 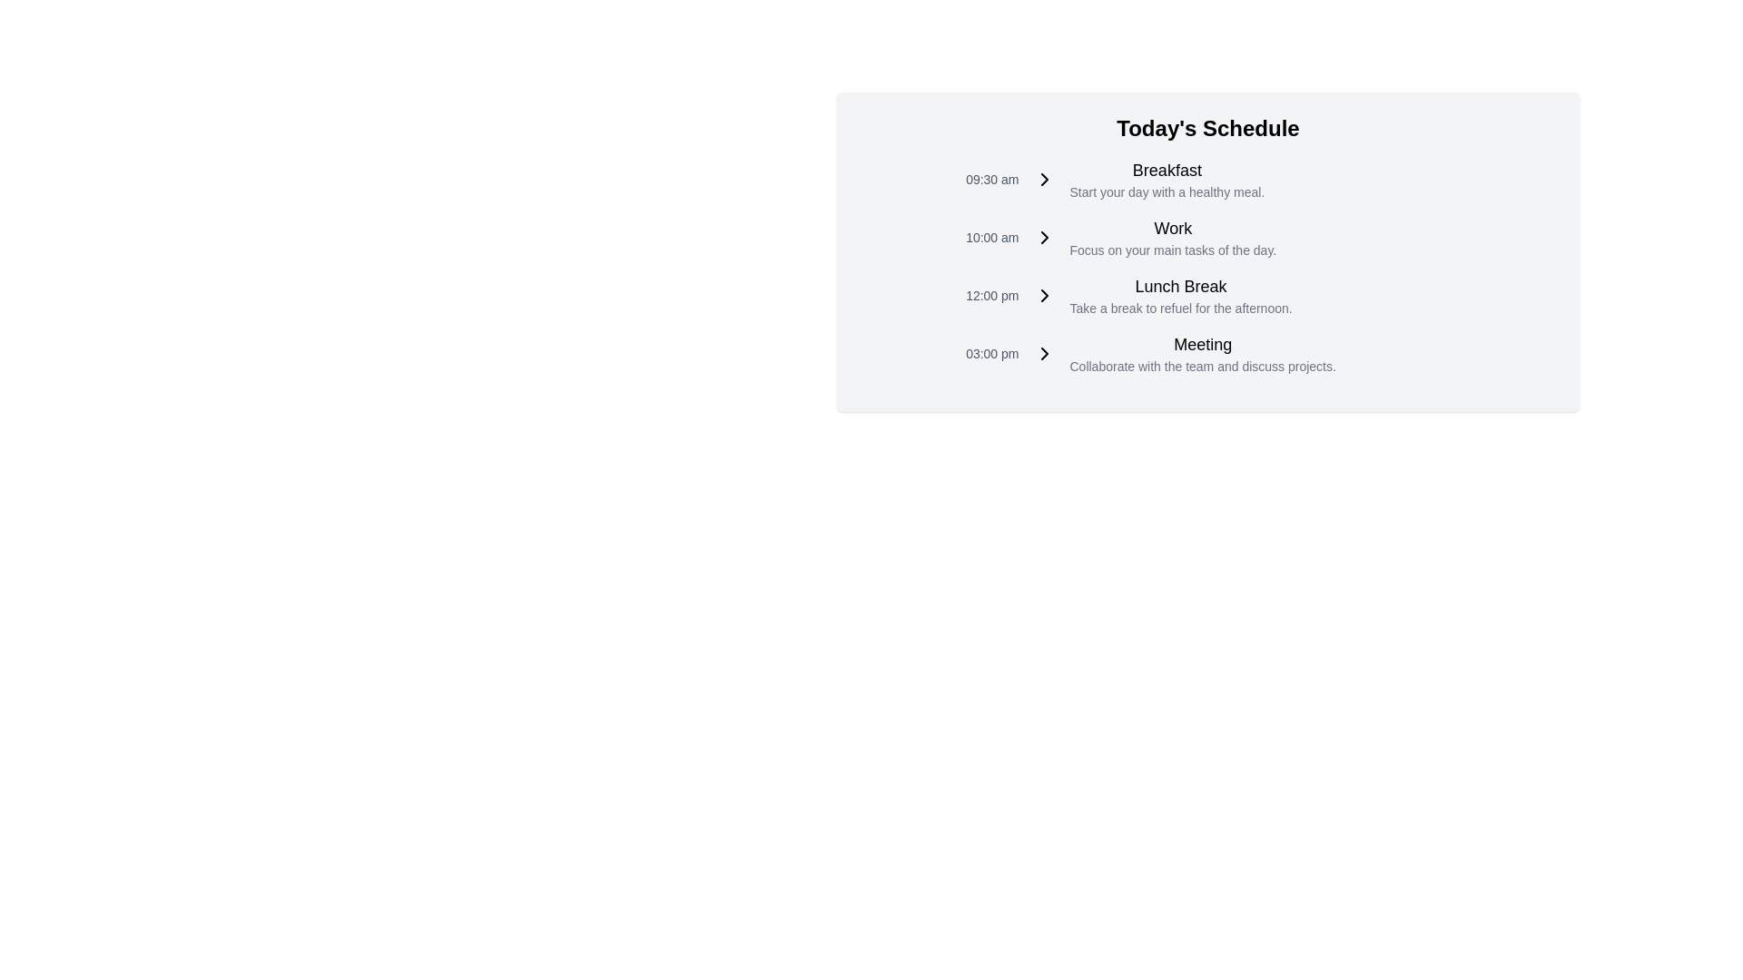 What do you see at coordinates (1167, 192) in the screenshot?
I see `the text element that provides additional details related to the title 'Breakfast', located directly below it in the schedule` at bounding box center [1167, 192].